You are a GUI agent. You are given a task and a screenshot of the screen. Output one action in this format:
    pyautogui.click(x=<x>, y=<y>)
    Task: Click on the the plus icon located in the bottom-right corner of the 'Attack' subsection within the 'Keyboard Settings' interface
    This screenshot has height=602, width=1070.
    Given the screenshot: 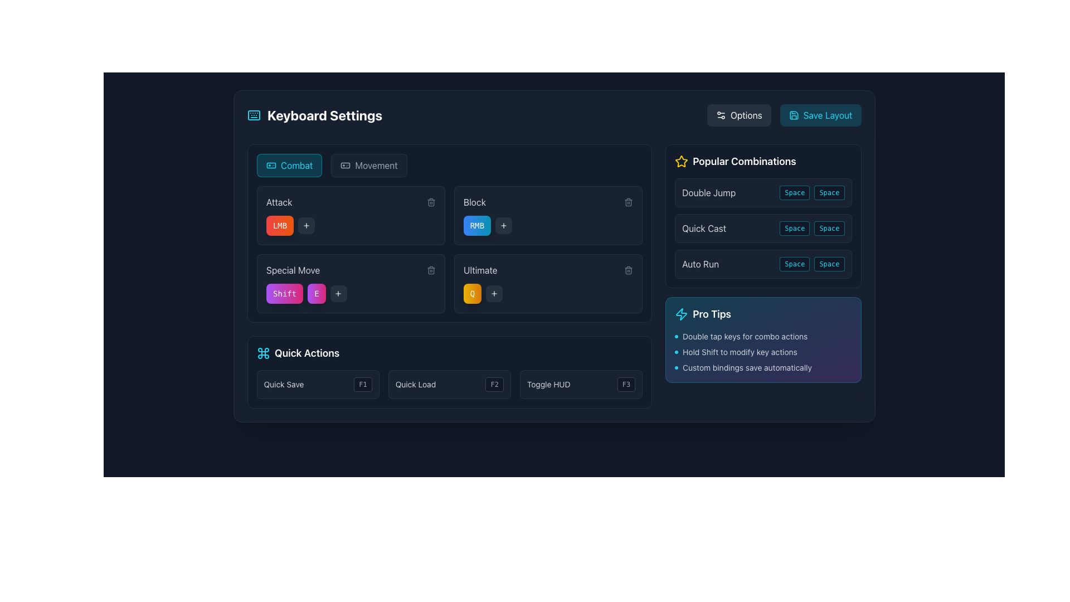 What is the action you would take?
    pyautogui.click(x=503, y=226)
    